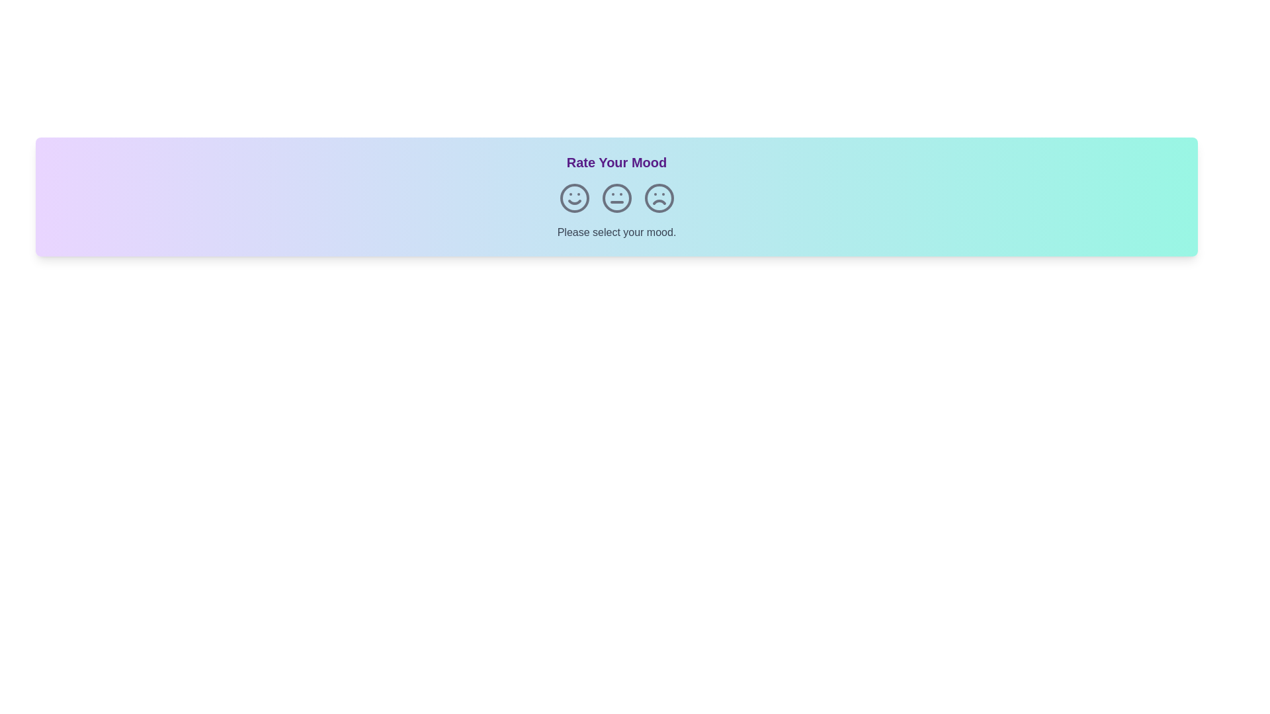 Image resolution: width=1270 pixels, height=714 pixels. Describe the element at coordinates (574, 198) in the screenshot. I see `the mood rating button corresponding to happy` at that location.